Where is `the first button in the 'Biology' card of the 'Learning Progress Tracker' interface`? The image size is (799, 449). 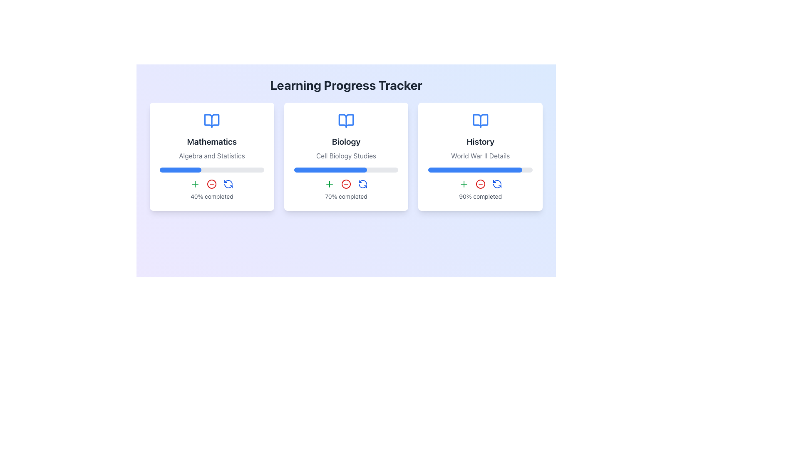 the first button in the 'Biology' card of the 'Learning Progress Tracker' interface is located at coordinates (329, 184).